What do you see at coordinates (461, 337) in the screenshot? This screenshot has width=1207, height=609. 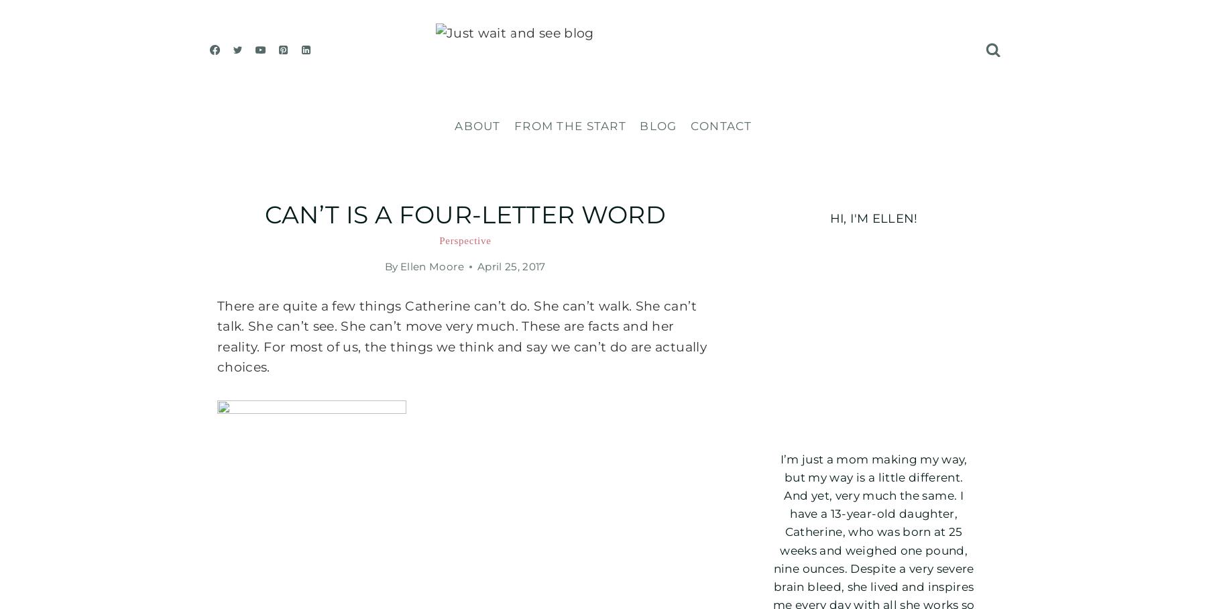 I see `'There are quite a few things Catherine can’t do. She can’t walk. She can’t talk. She can’t see. She can’t move very much. These are facts and her reality. For most of us, the things we think and say we can’t do are actually choices.'` at bounding box center [461, 337].